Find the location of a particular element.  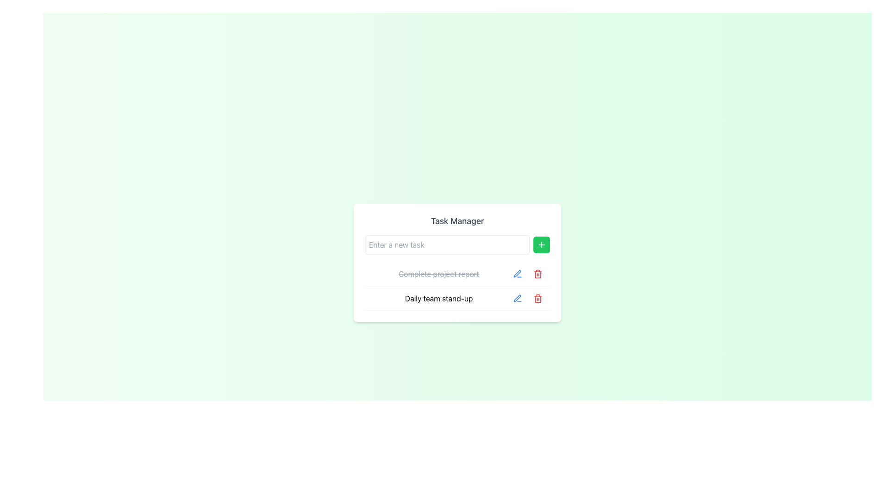

the text label displaying 'Daily team stand-up' for sorting purposes is located at coordinates (457, 299).